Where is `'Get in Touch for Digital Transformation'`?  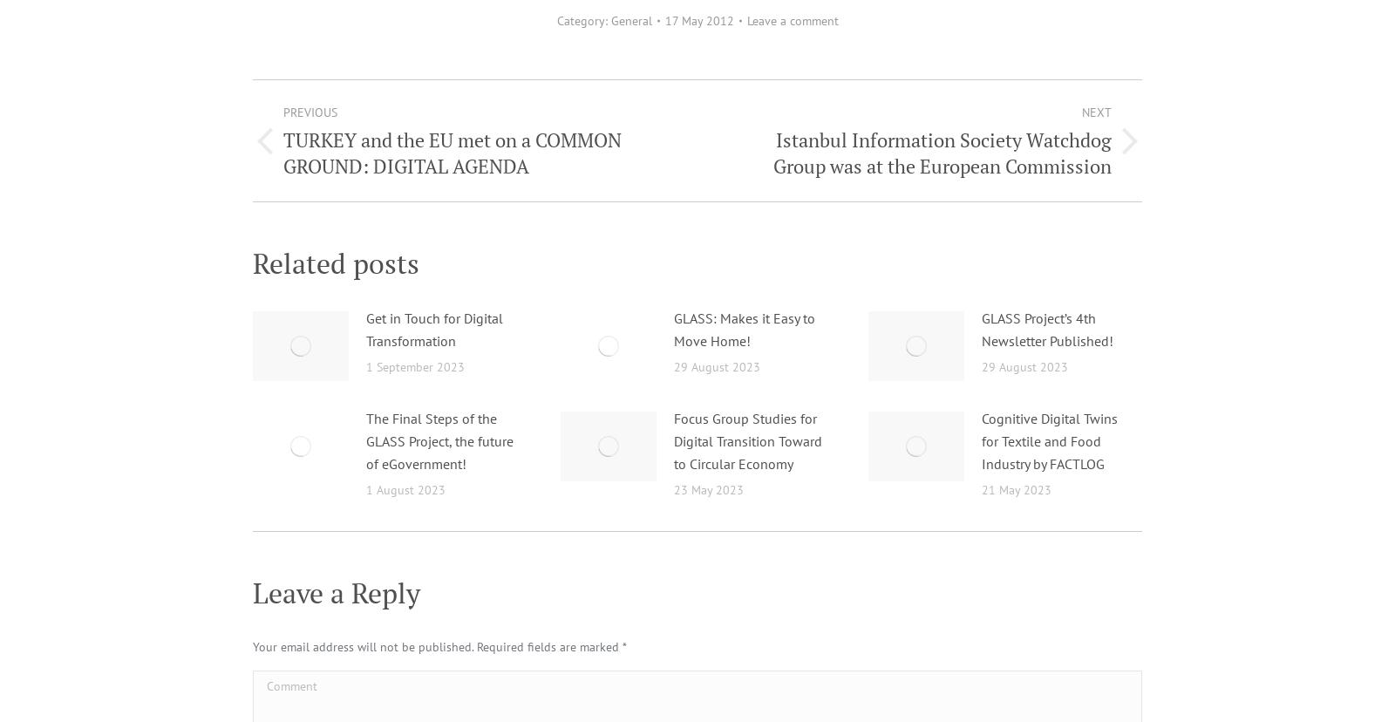
'Get in Touch for Digital Transformation' is located at coordinates (433, 329).